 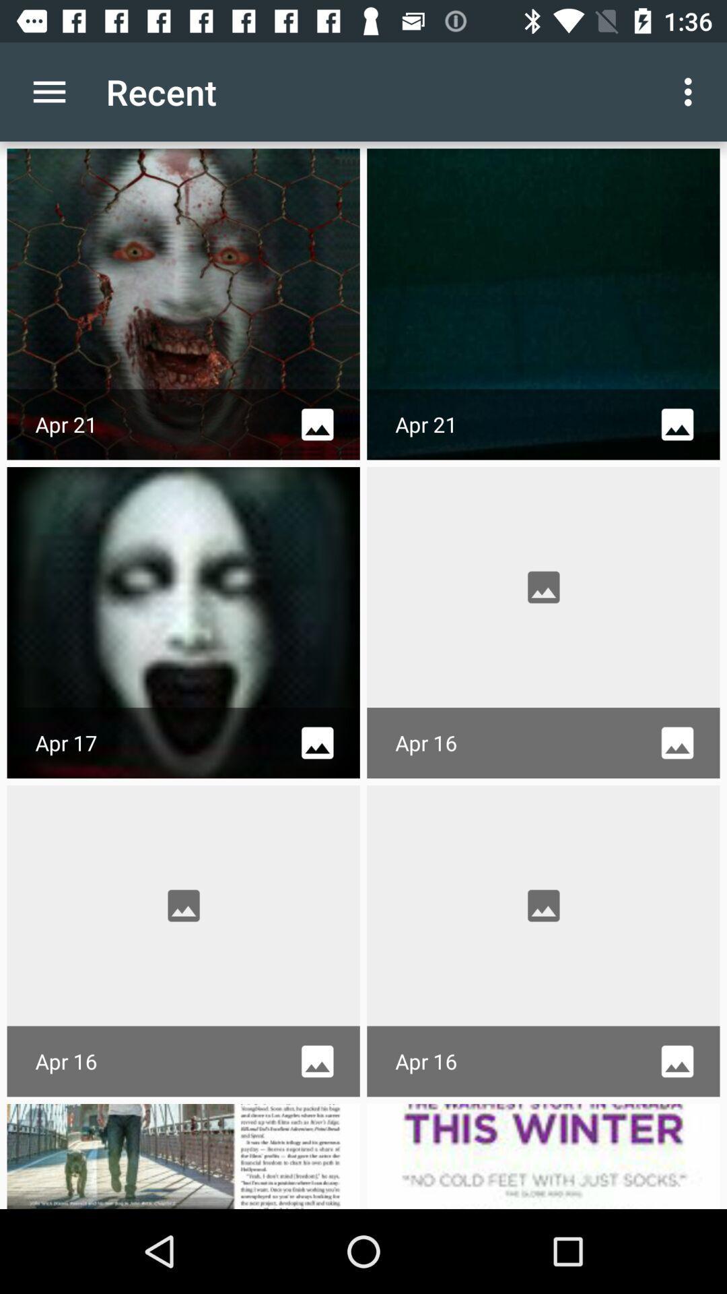 What do you see at coordinates (184, 1155) in the screenshot?
I see `the image below april 16` at bounding box center [184, 1155].